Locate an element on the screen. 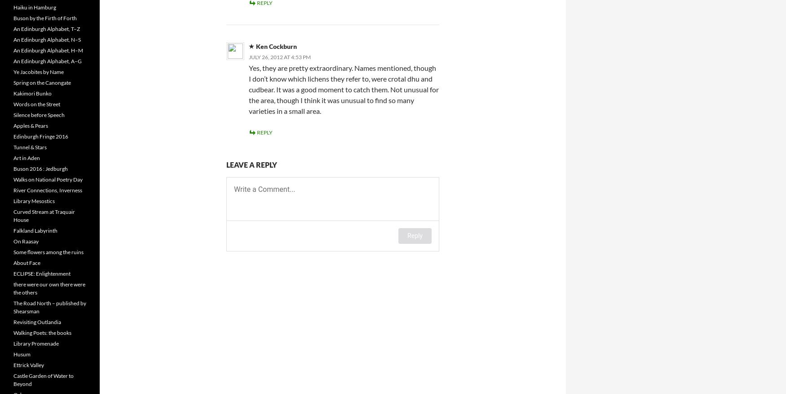 The height and width of the screenshot is (394, 786). 'Buson by the Firth of Forth' is located at coordinates (45, 17).